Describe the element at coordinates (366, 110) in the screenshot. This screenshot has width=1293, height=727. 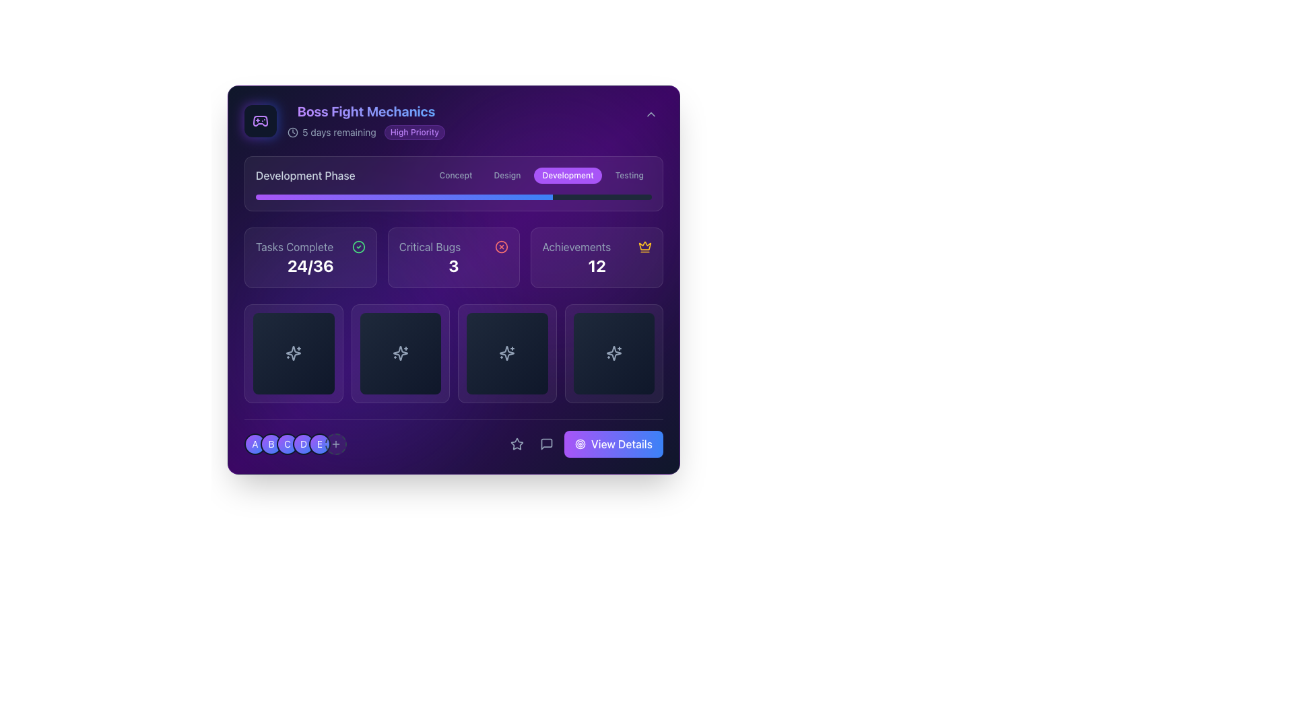
I see `the text content of the Text Label, which serves as a title or header for the current context, located at the top-left corner of the UI above the deadline and priority information` at that location.